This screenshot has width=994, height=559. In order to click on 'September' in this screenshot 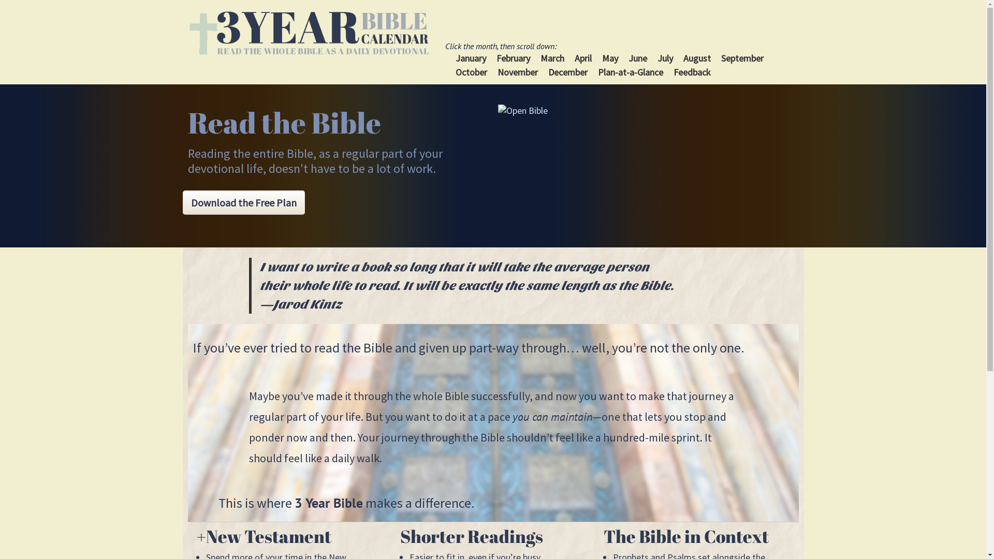, I will do `click(742, 58)`.